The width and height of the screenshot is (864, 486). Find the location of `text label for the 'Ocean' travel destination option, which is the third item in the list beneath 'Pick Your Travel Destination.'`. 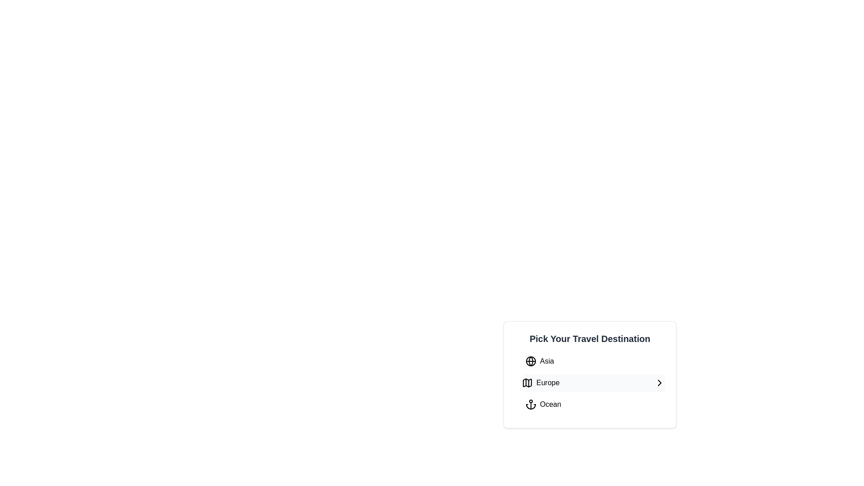

text label for the 'Ocean' travel destination option, which is the third item in the list beneath 'Pick Your Travel Destination.' is located at coordinates (550, 404).